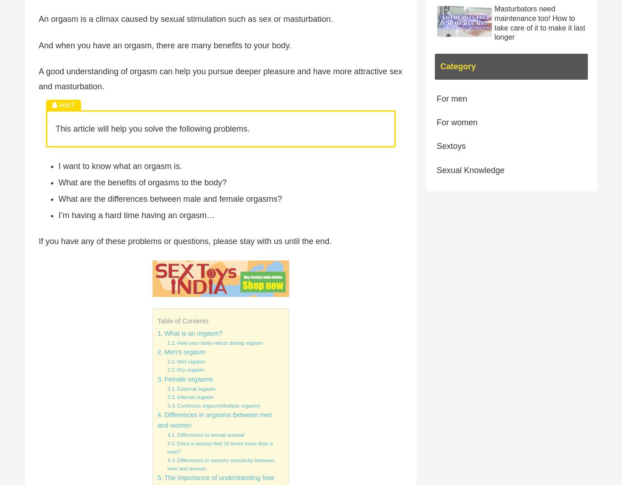 The height and width of the screenshot is (485, 622). I want to click on 'Wet orgasm', so click(190, 361).